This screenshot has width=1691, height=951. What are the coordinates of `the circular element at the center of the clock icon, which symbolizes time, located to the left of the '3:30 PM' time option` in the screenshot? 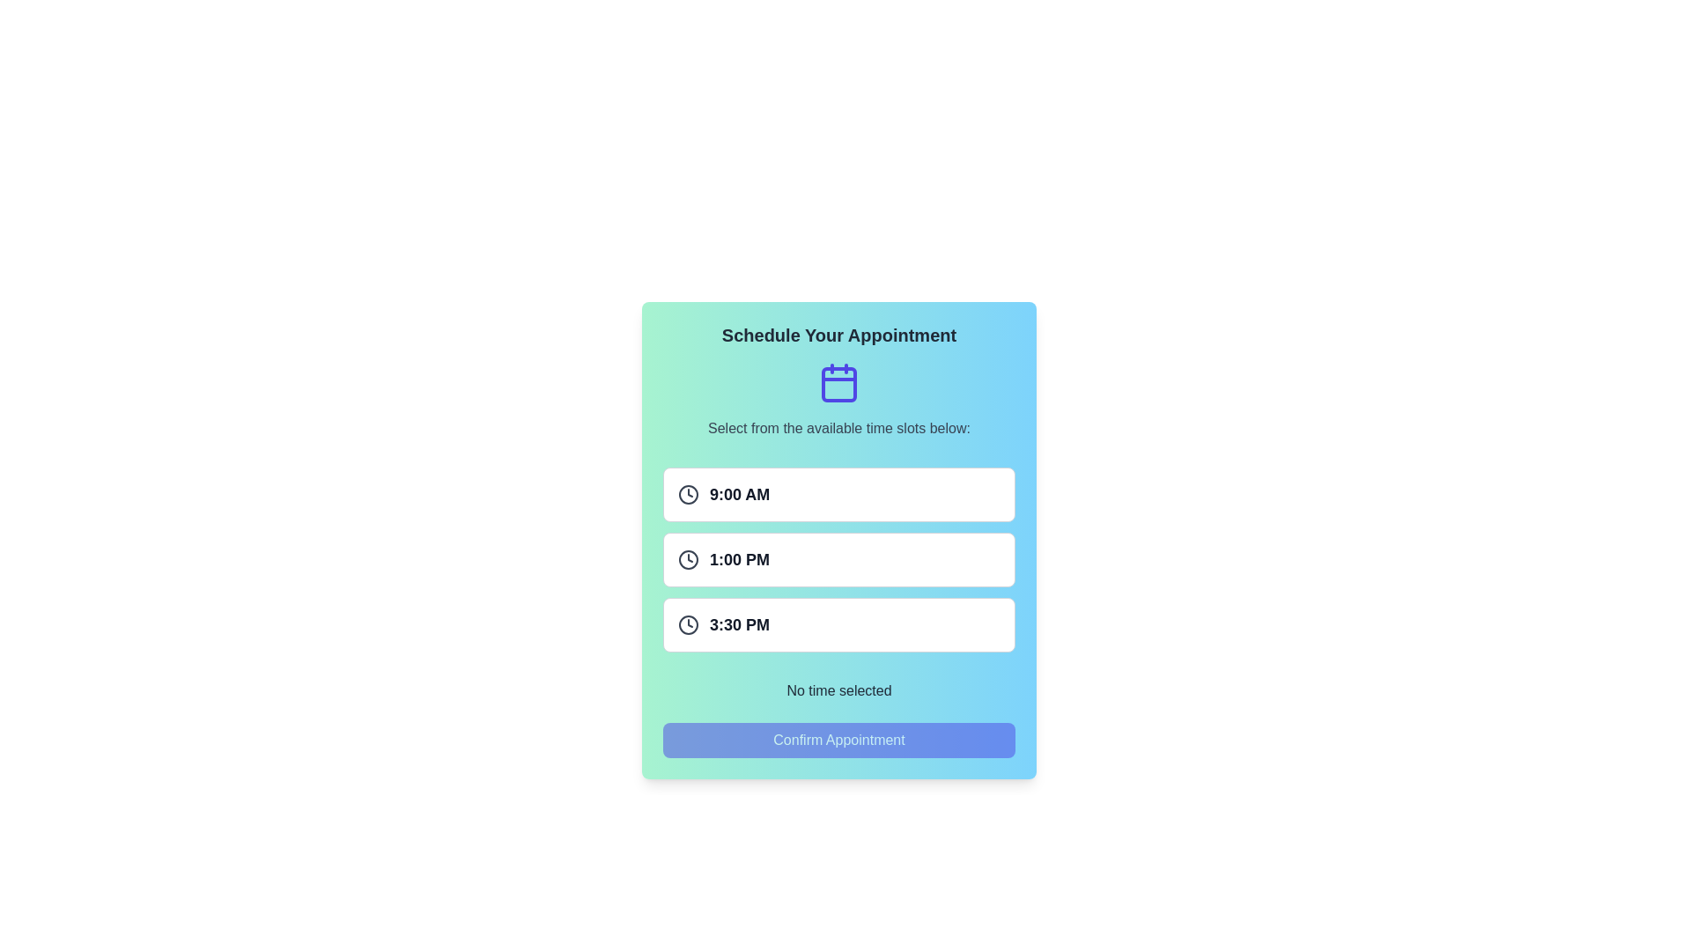 It's located at (688, 623).